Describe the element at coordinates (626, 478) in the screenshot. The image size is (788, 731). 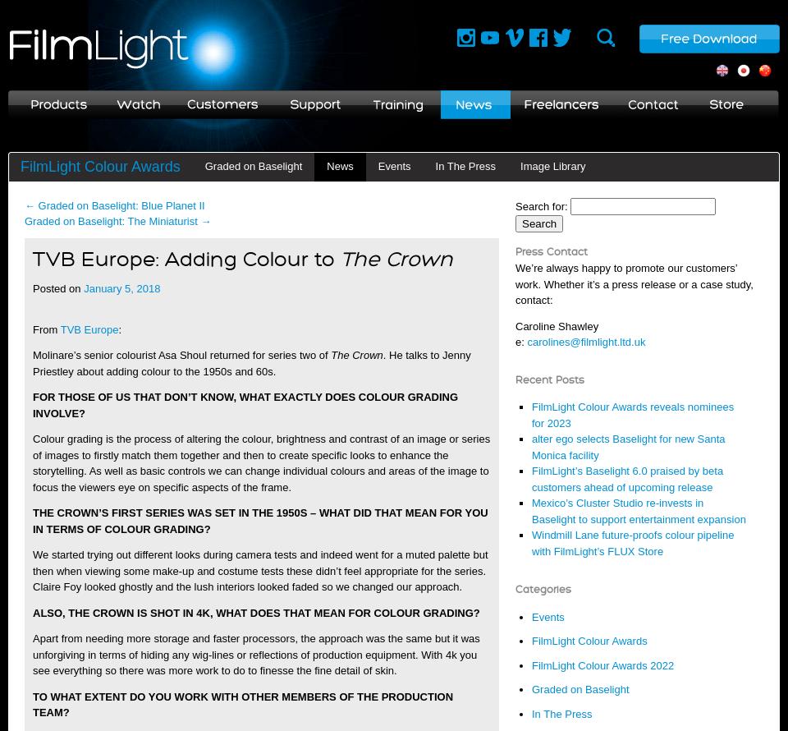
I see `'FilmLight’s Baselight 6.0 praised by beta customers ahead of upcoming release'` at that location.